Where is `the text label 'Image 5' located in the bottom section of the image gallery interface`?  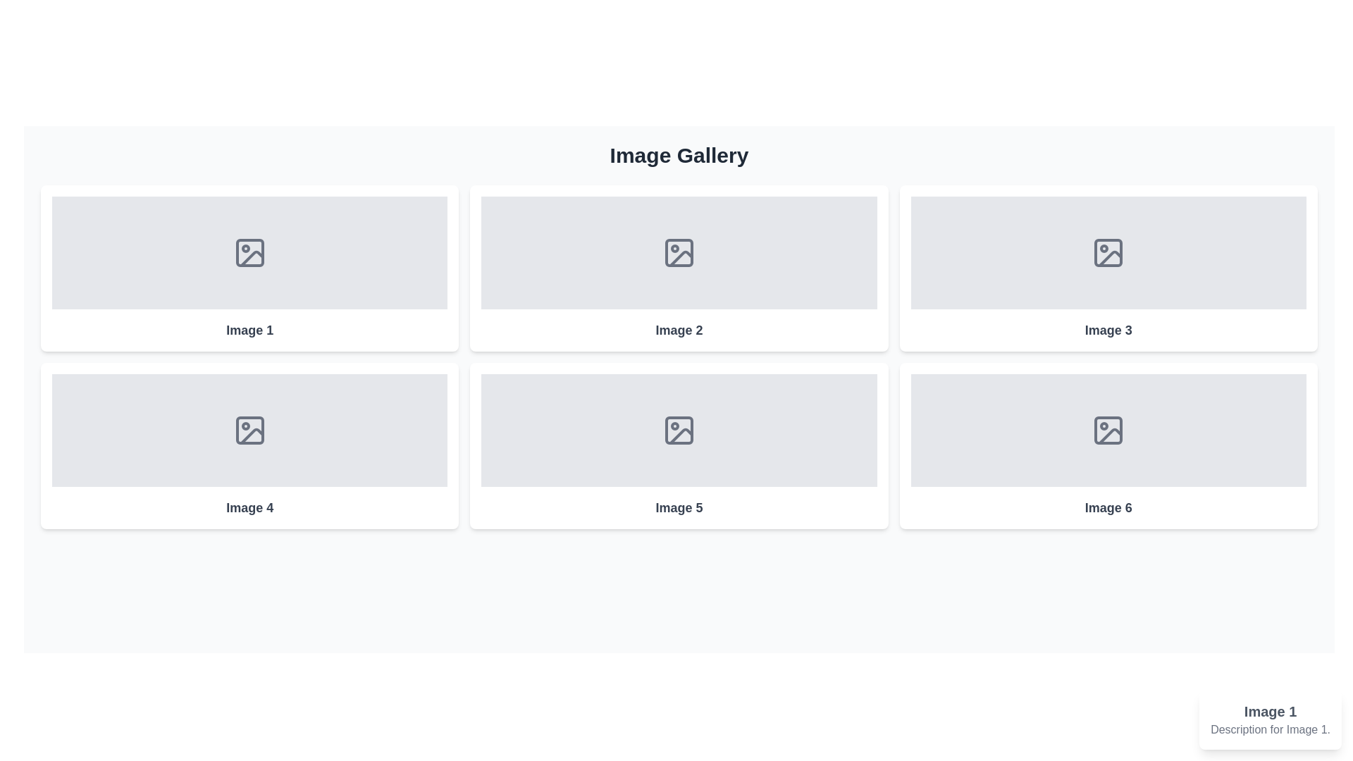 the text label 'Image 5' located in the bottom section of the image gallery interface is located at coordinates (679, 508).